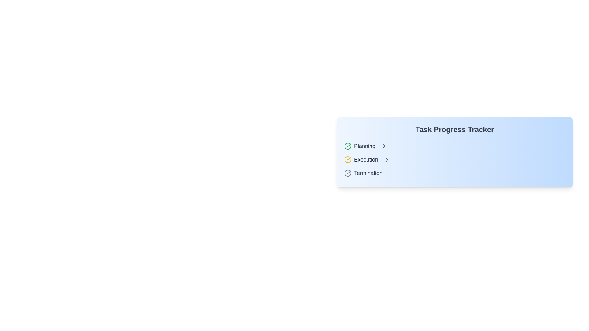 Image resolution: width=589 pixels, height=331 pixels. What do you see at coordinates (348, 159) in the screenshot?
I see `the visual styling of the circular icon with a checkmark, which is the leftmost icon next to the 'Execution' label in the task tracker` at bounding box center [348, 159].